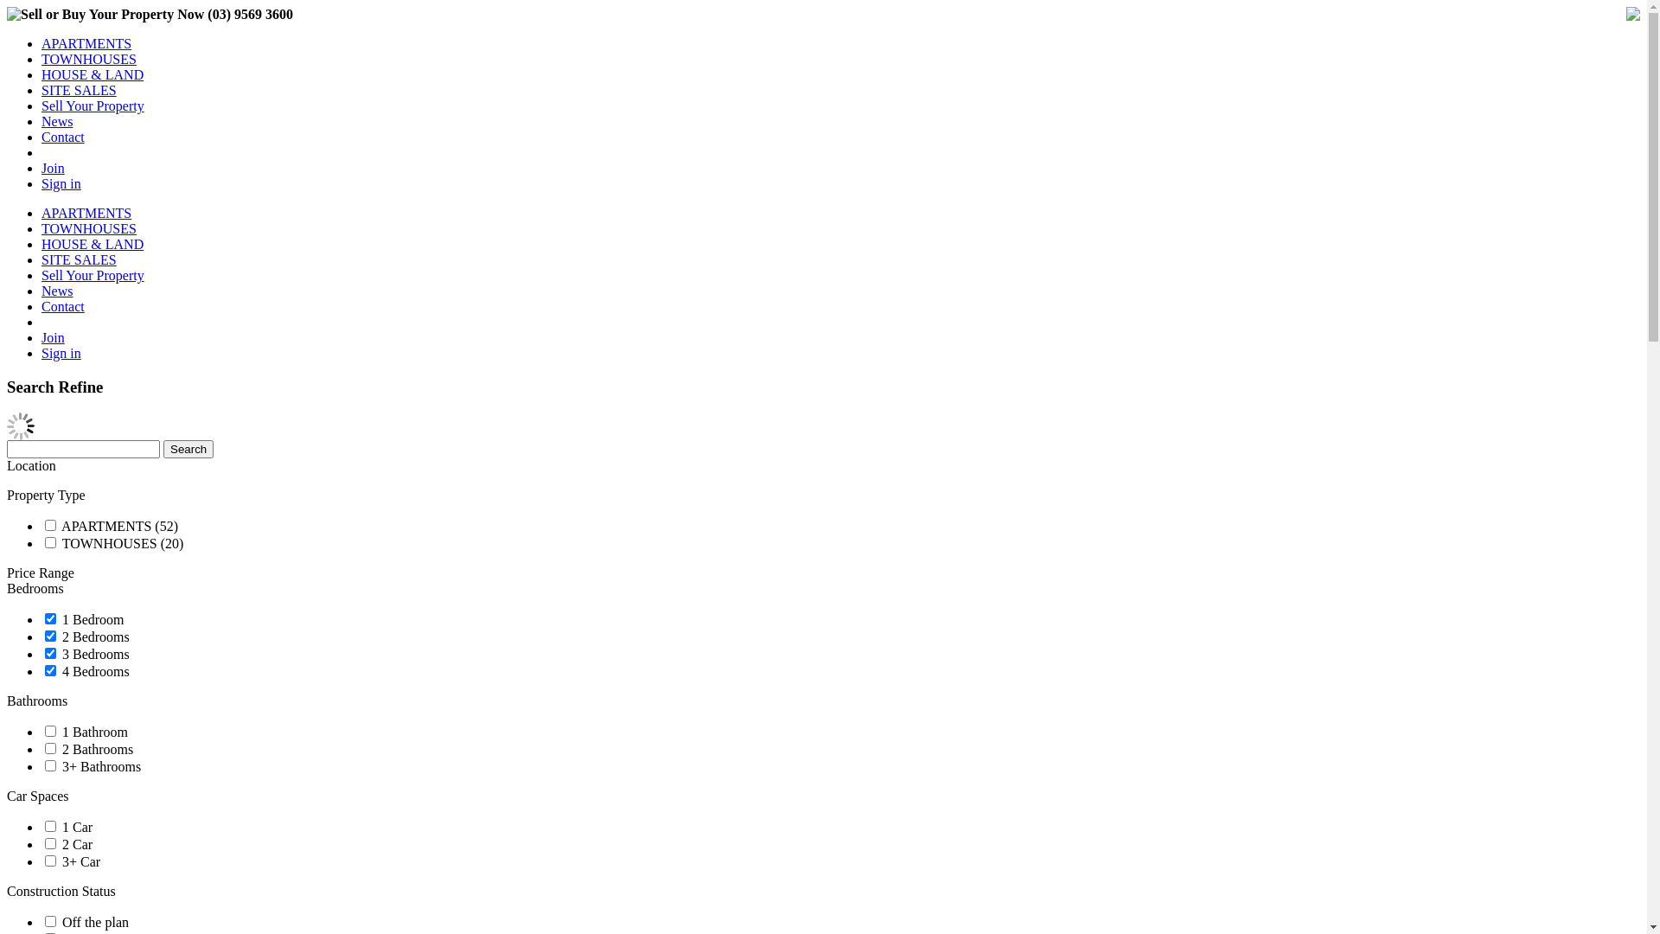 This screenshot has width=1660, height=934. I want to click on 'HOUSE & LAND', so click(91, 74).